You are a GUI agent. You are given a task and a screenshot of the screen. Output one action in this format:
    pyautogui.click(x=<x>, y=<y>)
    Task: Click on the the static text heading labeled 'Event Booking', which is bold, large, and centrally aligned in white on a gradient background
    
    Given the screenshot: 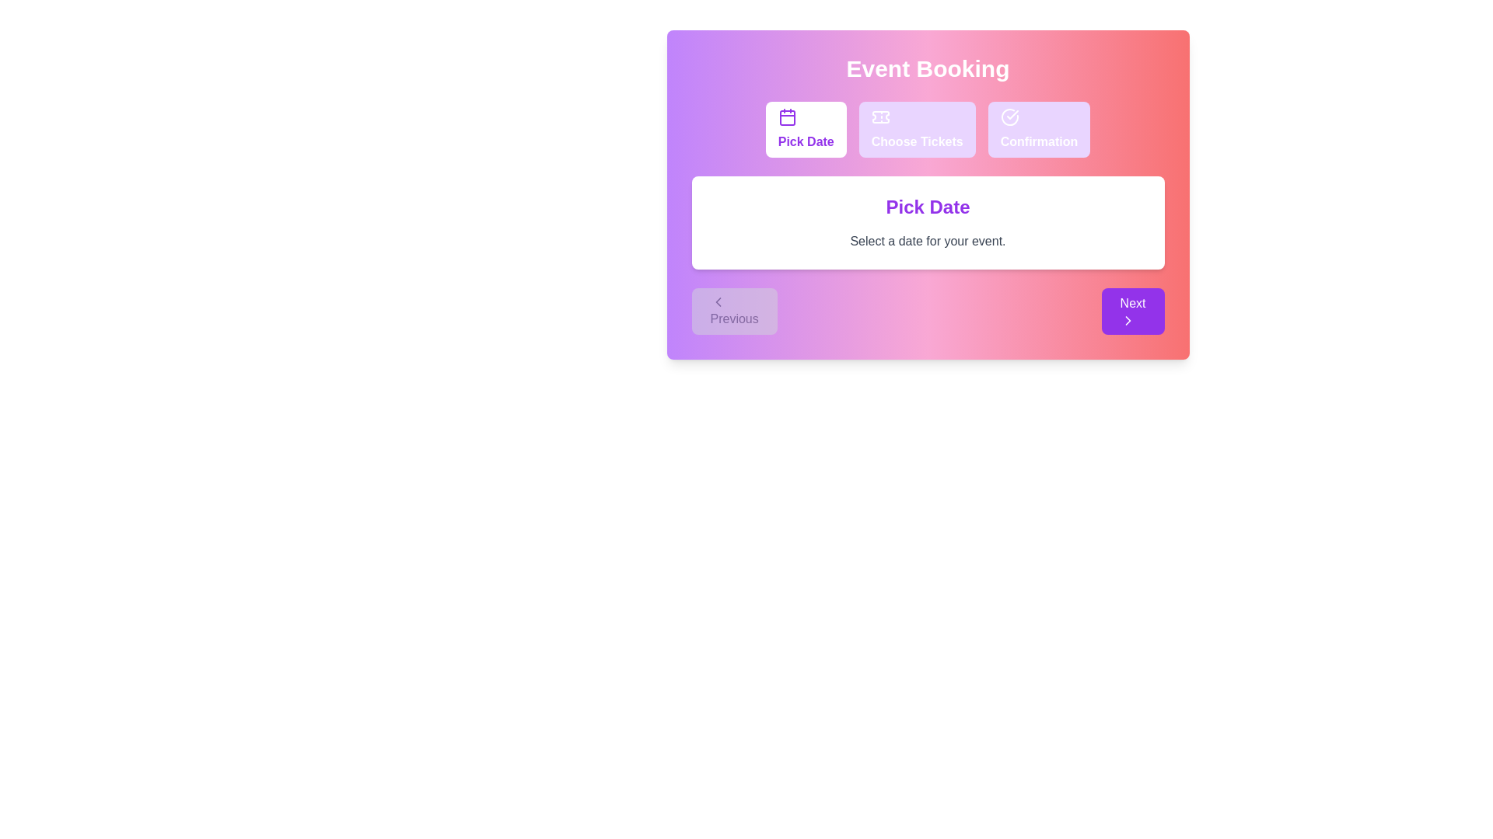 What is the action you would take?
    pyautogui.click(x=928, y=68)
    